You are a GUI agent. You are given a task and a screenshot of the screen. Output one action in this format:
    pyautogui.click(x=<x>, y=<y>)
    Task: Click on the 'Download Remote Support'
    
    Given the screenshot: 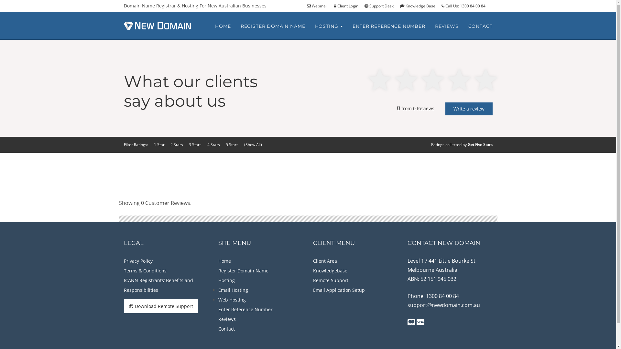 What is the action you would take?
    pyautogui.click(x=161, y=306)
    